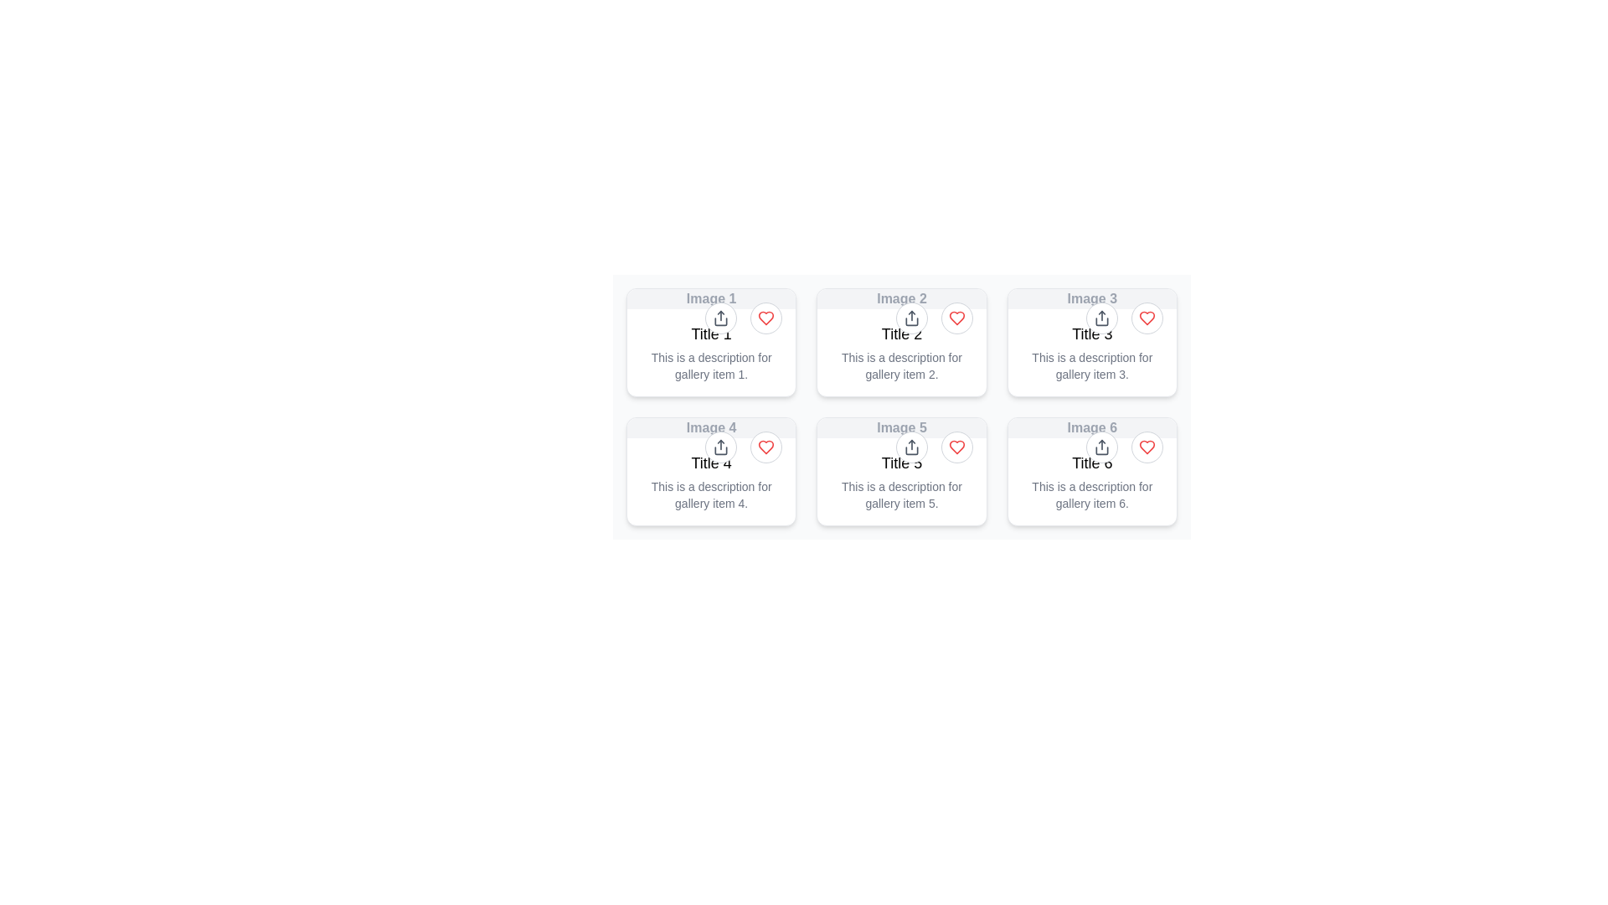 Image resolution: width=1608 pixels, height=905 pixels. I want to click on the circular 'Share' button located at the top-right corner of the card labeled 'Image 3 Title 3', so click(1101, 318).